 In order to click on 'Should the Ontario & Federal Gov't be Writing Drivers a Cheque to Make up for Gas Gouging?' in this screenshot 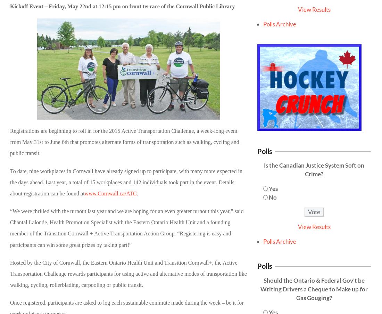, I will do `click(314, 288)`.